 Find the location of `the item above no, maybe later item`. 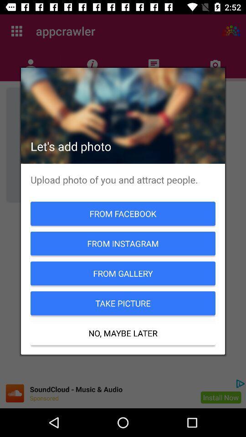

the item above no, maybe later item is located at coordinates (123, 303).